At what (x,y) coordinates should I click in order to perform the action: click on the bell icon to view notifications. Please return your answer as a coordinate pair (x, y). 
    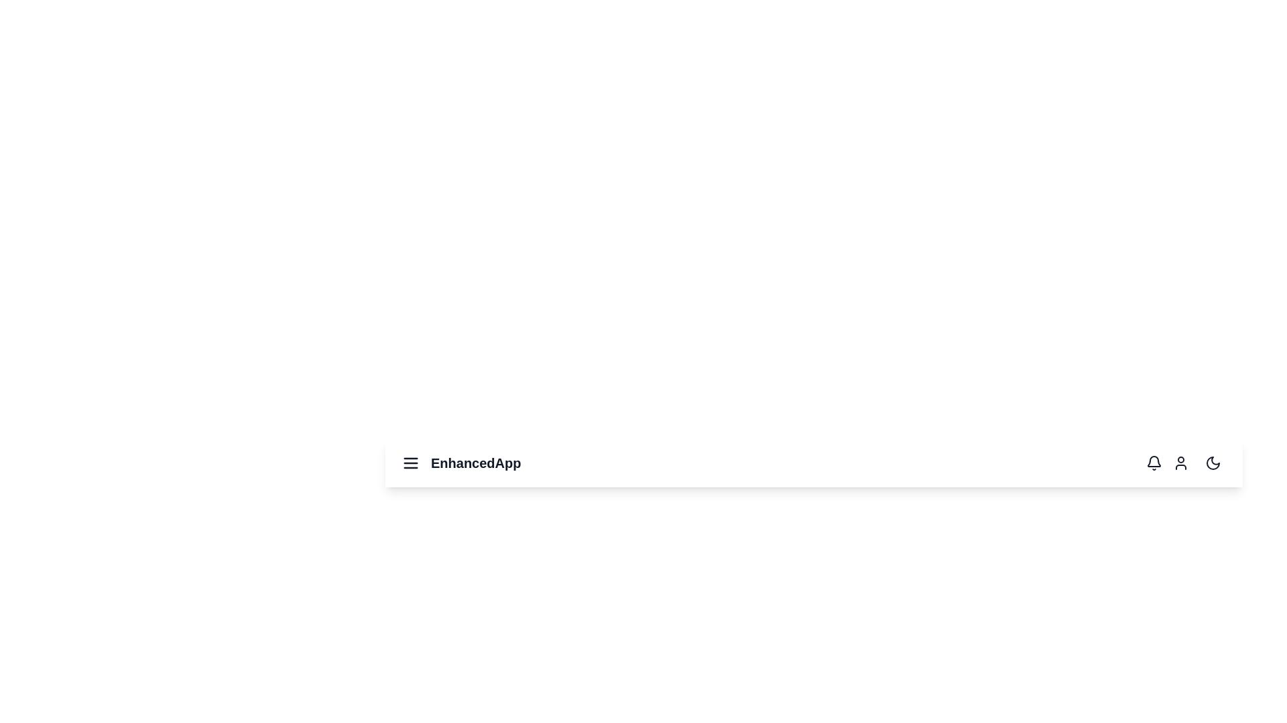
    Looking at the image, I should click on (1154, 462).